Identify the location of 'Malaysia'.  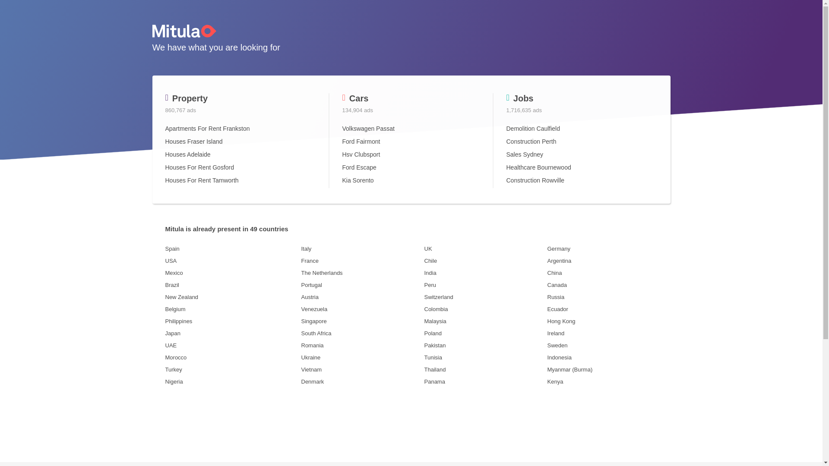
(424, 321).